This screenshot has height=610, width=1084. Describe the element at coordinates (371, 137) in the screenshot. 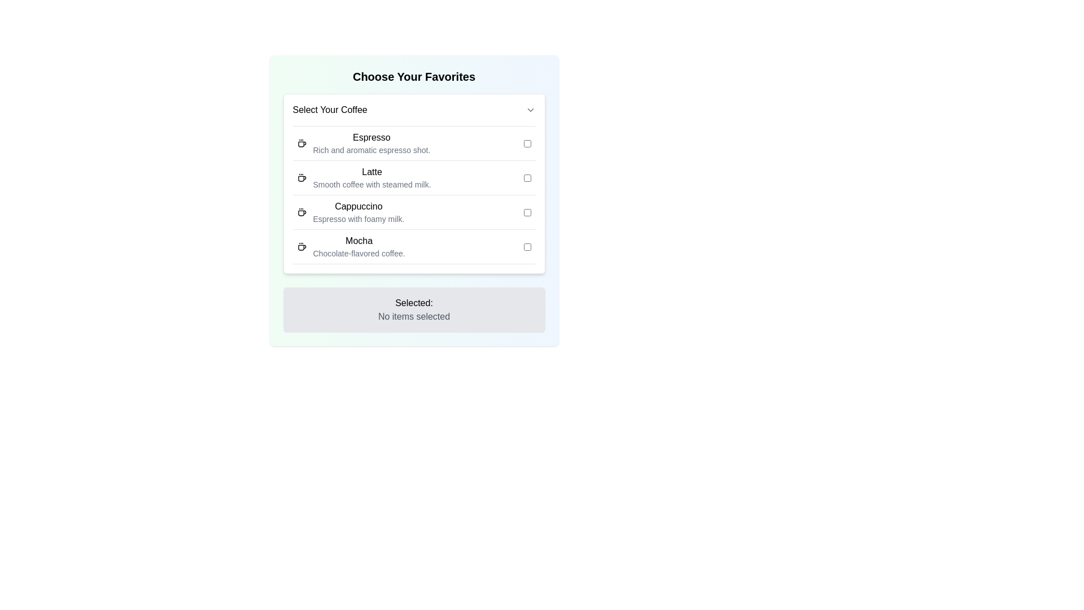

I see `the label text for the coffee option, which is the title located at the top section of the item entry under 'Select Your Coffee'` at that location.